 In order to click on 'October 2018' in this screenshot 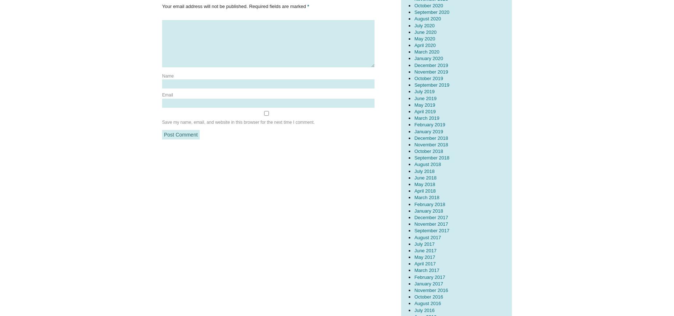, I will do `click(428, 151)`.